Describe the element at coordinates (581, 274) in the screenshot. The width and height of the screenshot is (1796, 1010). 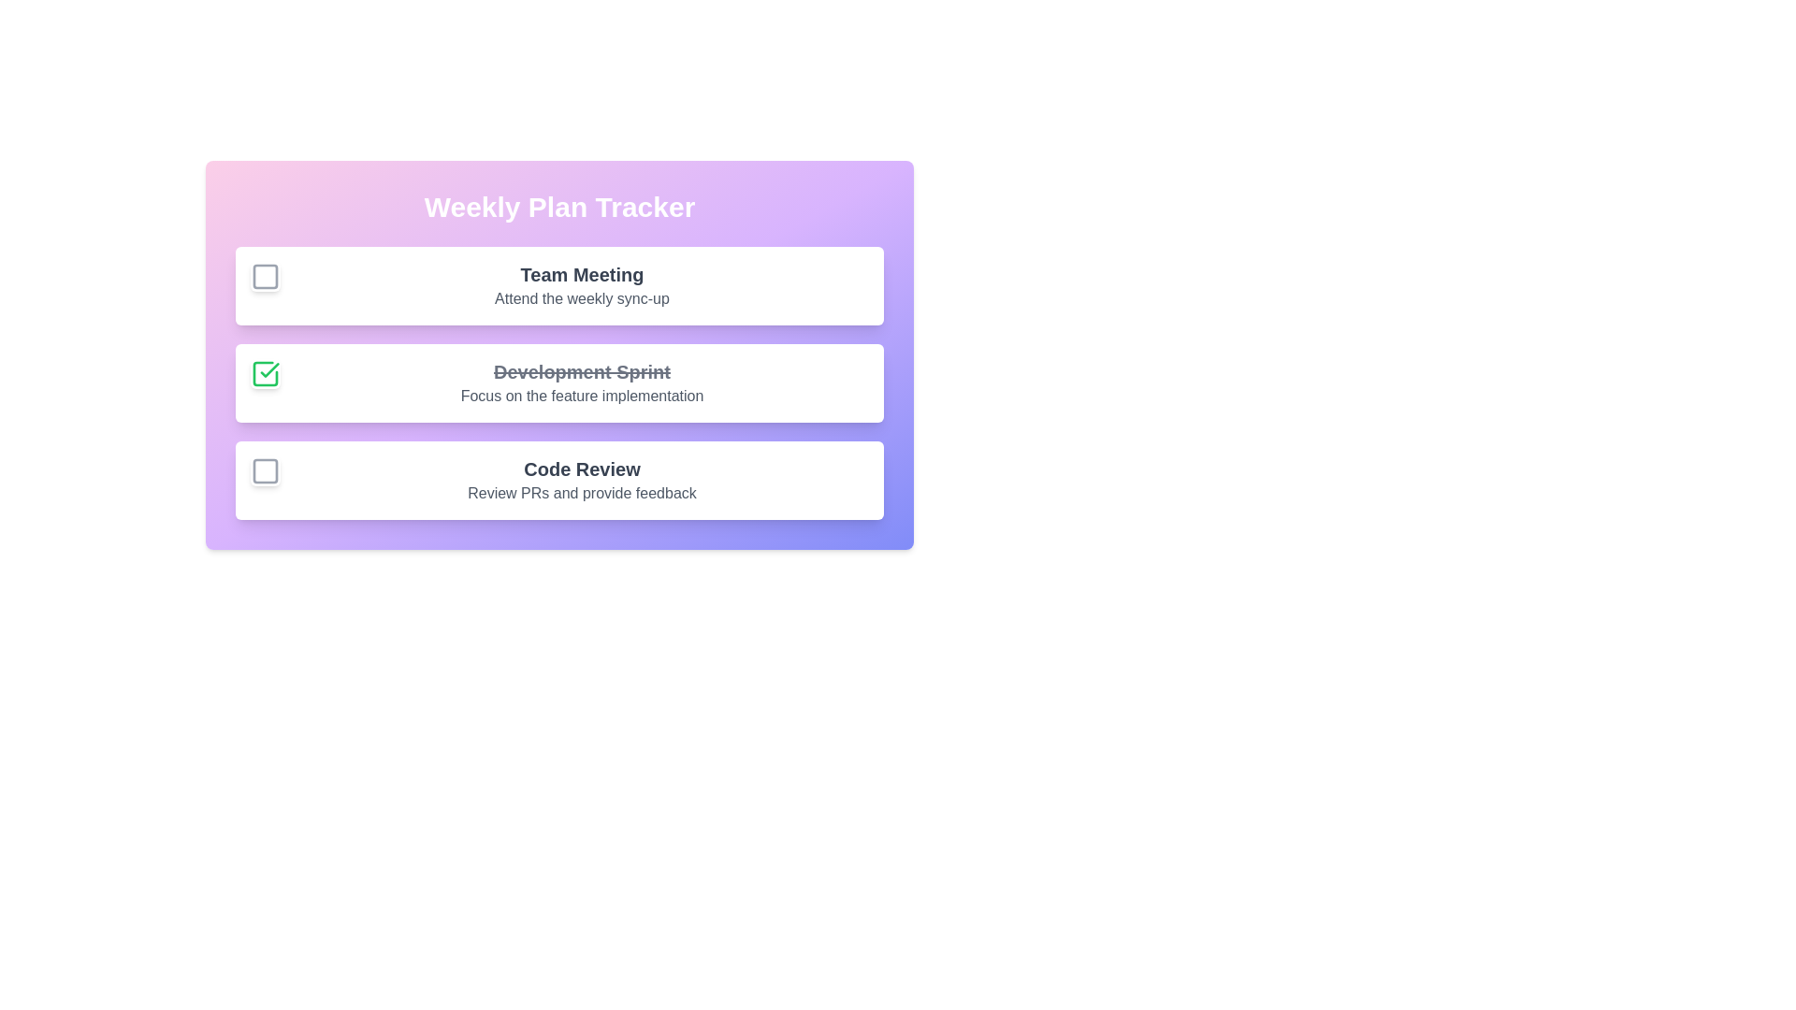
I see `the plan titled Team Meeting to read its description` at that location.